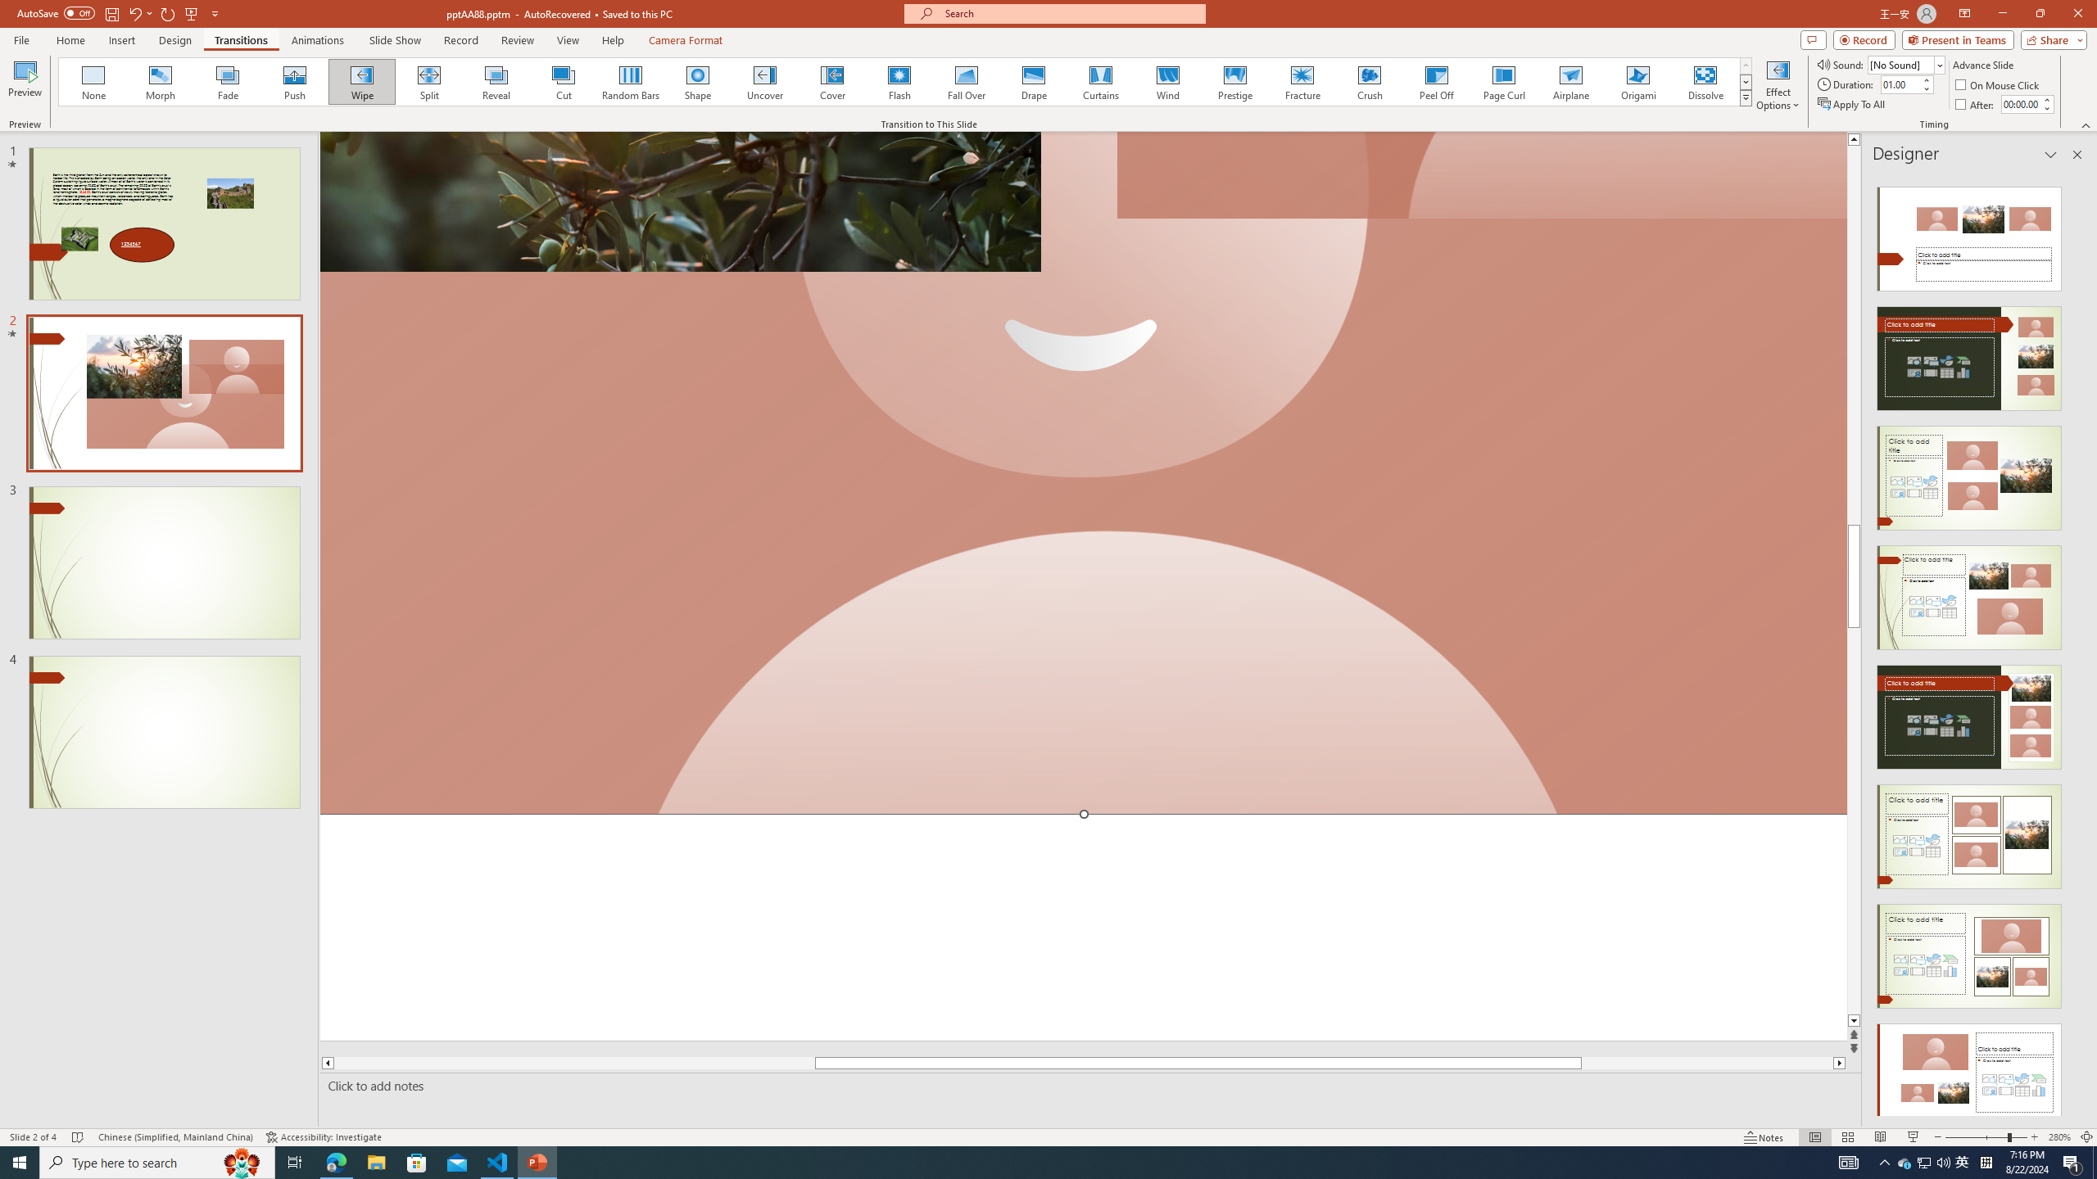  I want to click on 'Crush', so click(1369, 81).